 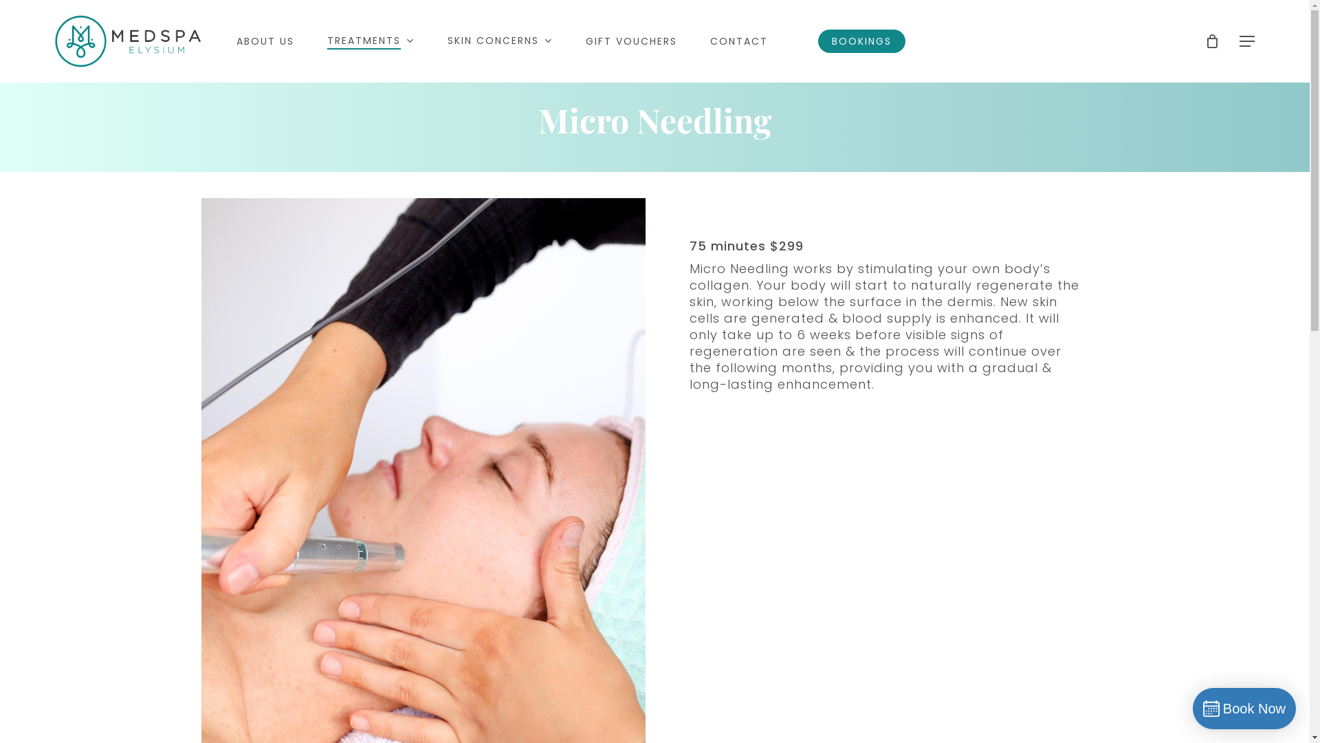 What do you see at coordinates (1244, 708) in the screenshot?
I see `'Book Now'` at bounding box center [1244, 708].